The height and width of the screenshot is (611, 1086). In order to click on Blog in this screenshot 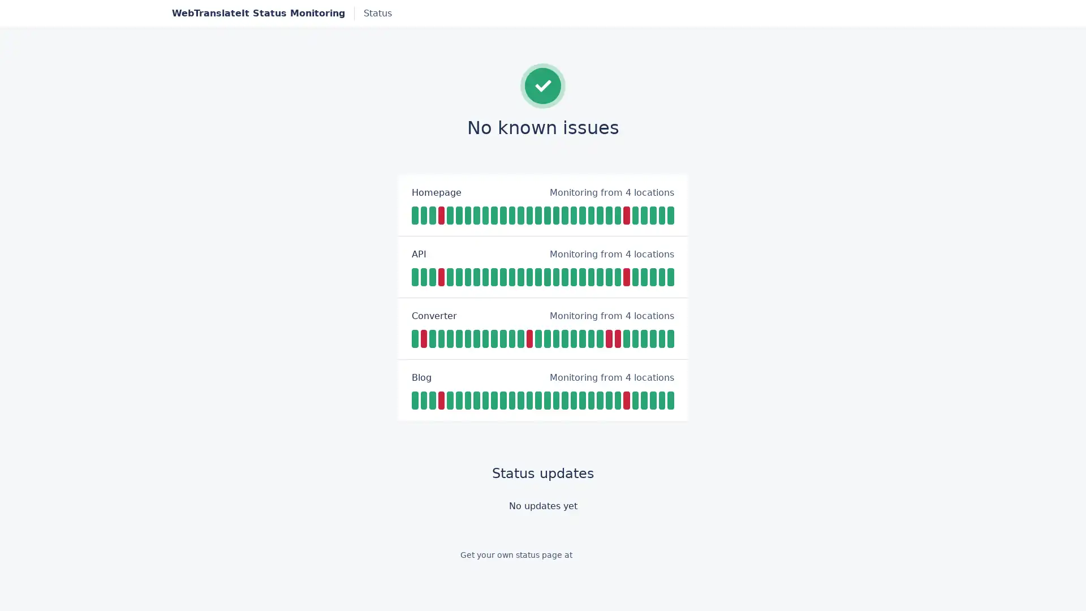, I will do `click(421, 377)`.